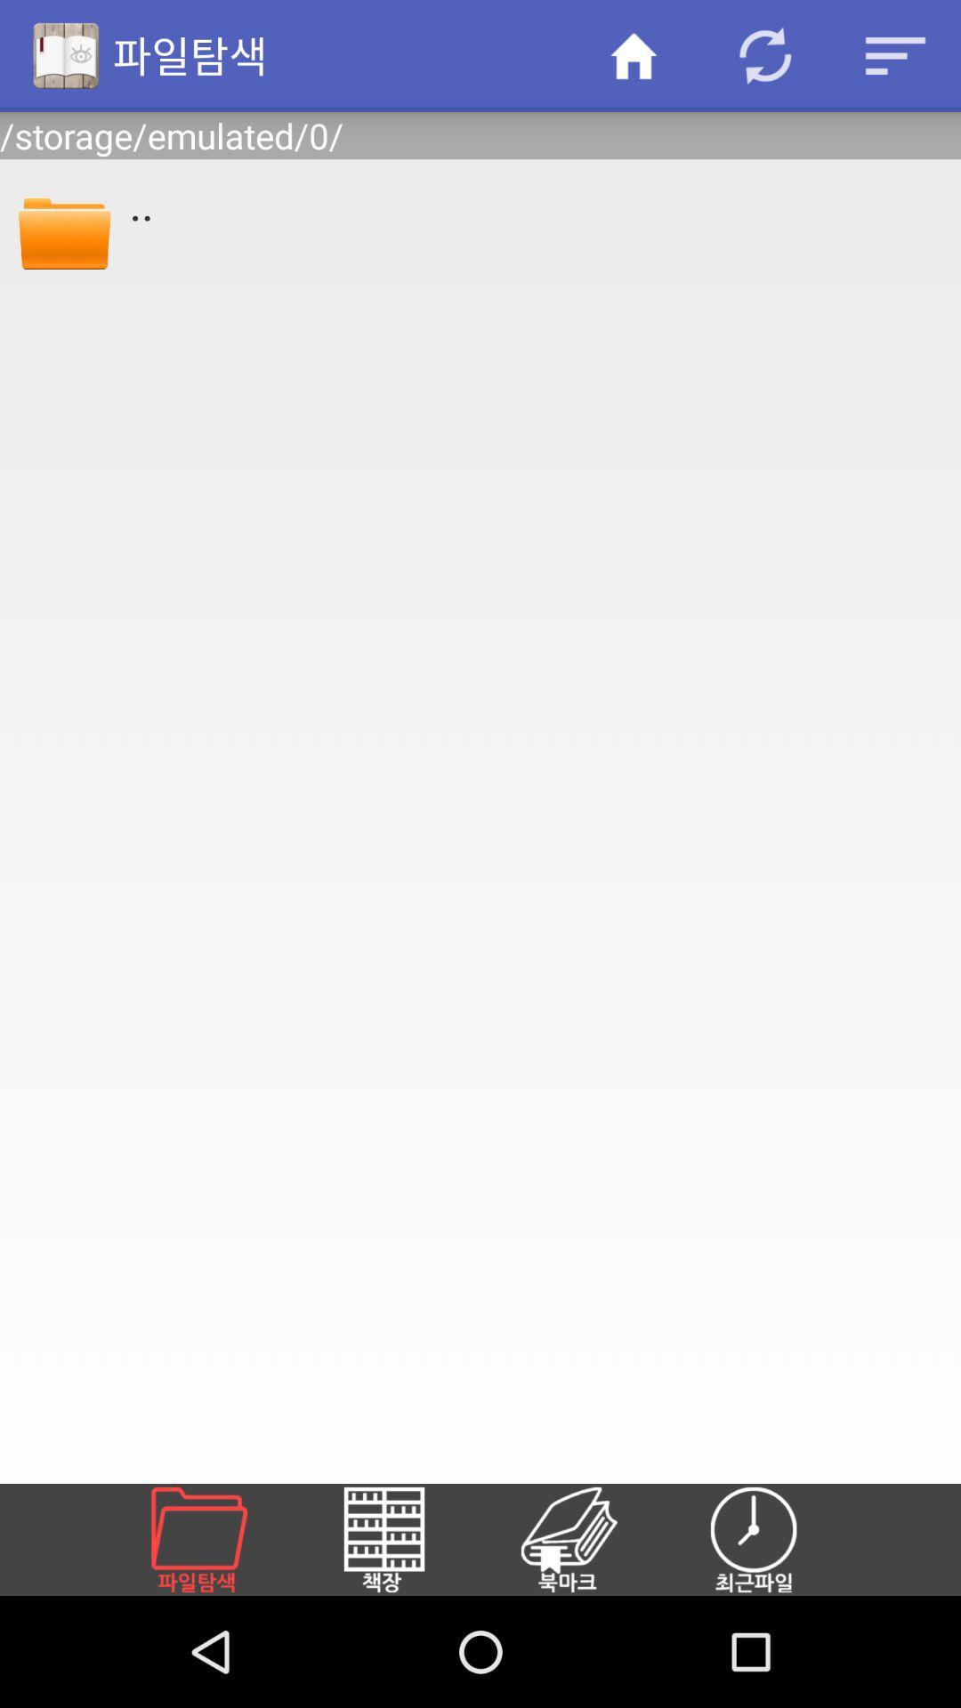 Image resolution: width=961 pixels, height=1708 pixels. I want to click on the .. item, so click(532, 202).